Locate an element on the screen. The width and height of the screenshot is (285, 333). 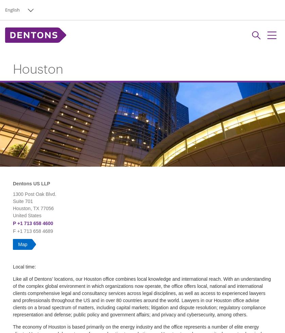
'F' is located at coordinates (15, 231).